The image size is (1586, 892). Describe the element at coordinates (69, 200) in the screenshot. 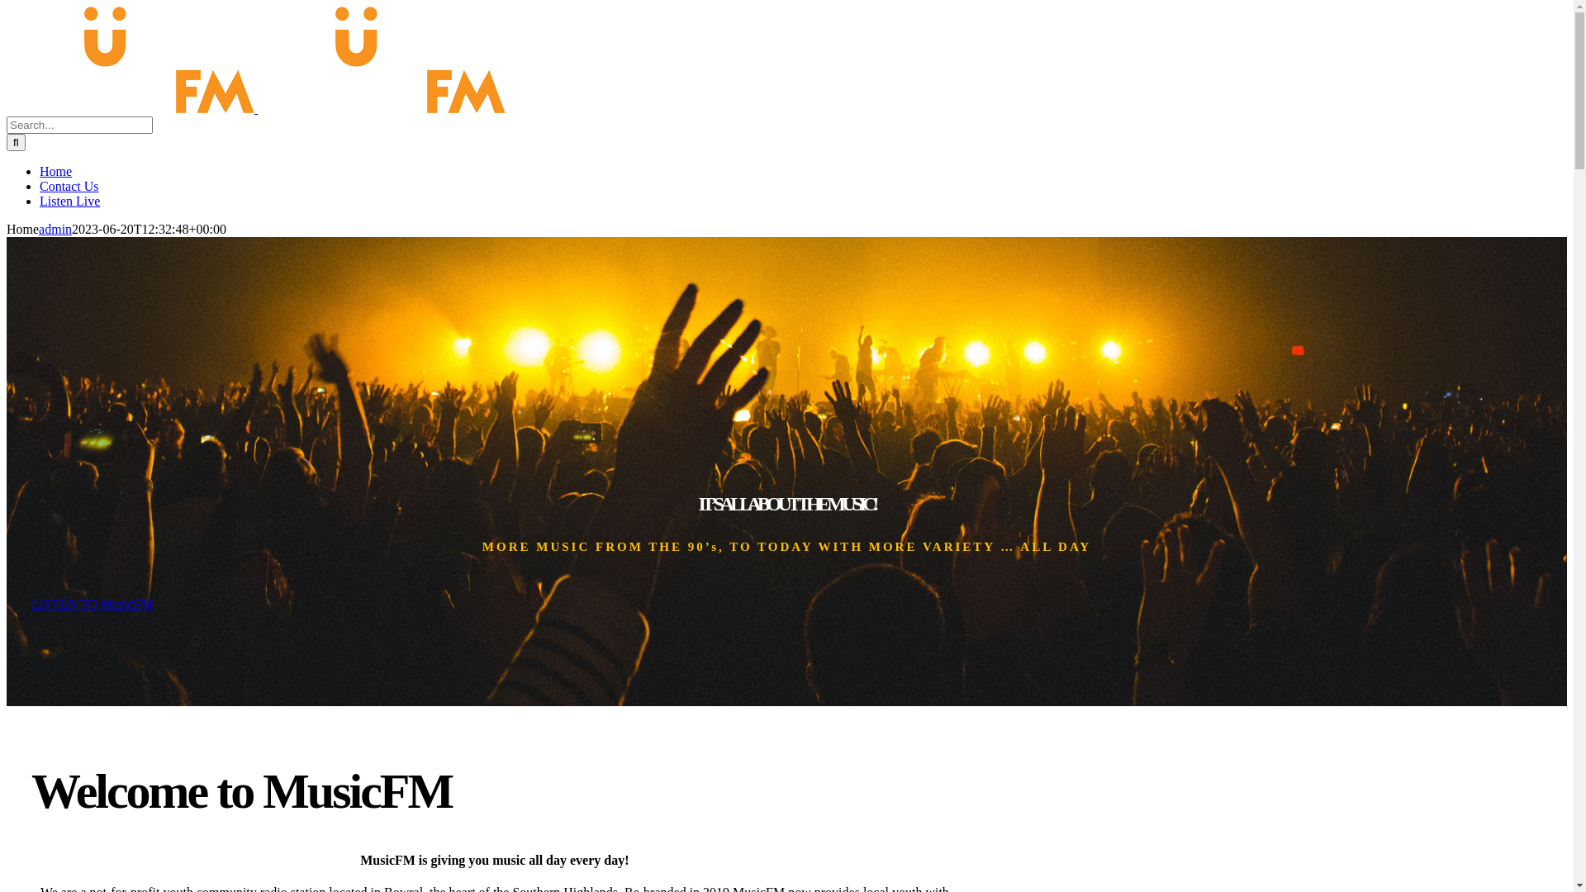

I see `'Listen Live'` at that location.